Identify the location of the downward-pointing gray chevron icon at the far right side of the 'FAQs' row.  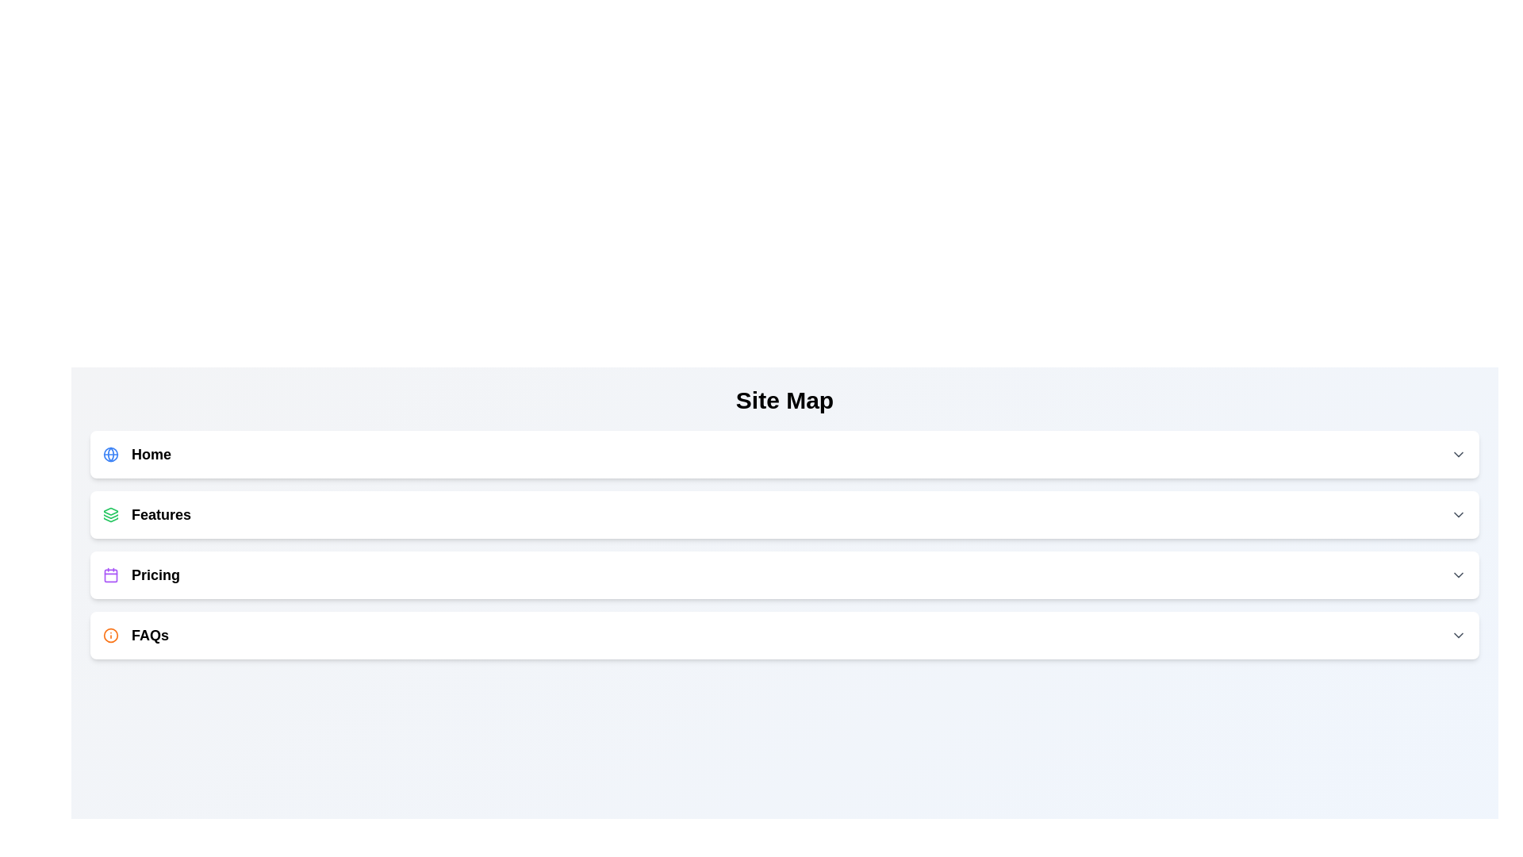
(1458, 635).